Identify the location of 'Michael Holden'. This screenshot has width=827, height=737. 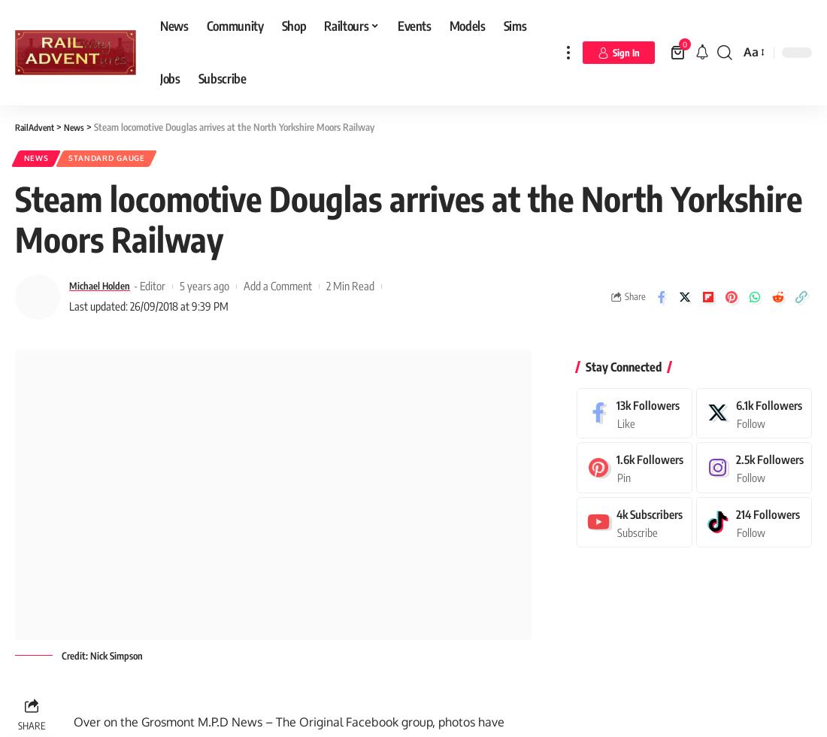
(68, 290).